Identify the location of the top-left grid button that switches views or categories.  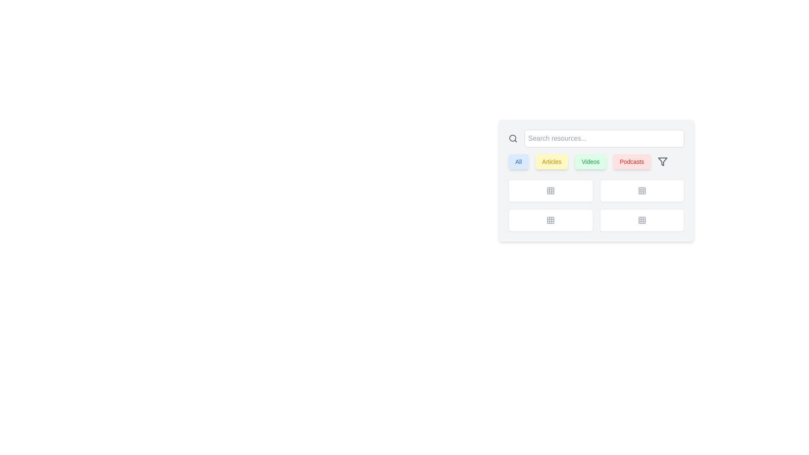
(551, 190).